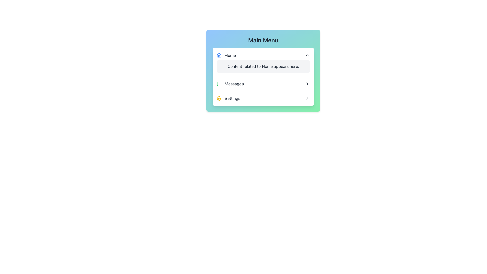 The width and height of the screenshot is (487, 274). What do you see at coordinates (307, 84) in the screenshot?
I see `the rightward chevron icon located to the right of the 'Messages' text` at bounding box center [307, 84].